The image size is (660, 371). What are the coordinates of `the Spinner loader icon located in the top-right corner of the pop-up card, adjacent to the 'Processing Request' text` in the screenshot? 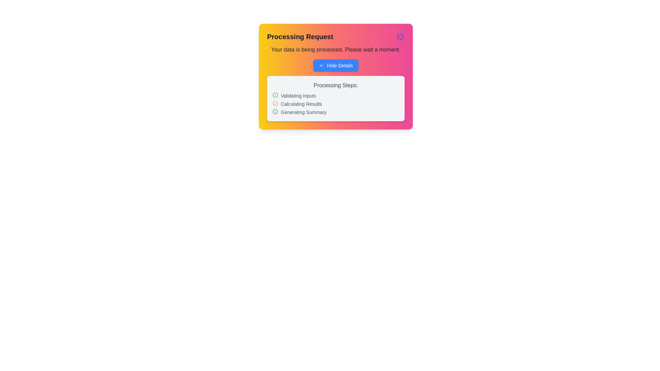 It's located at (400, 37).